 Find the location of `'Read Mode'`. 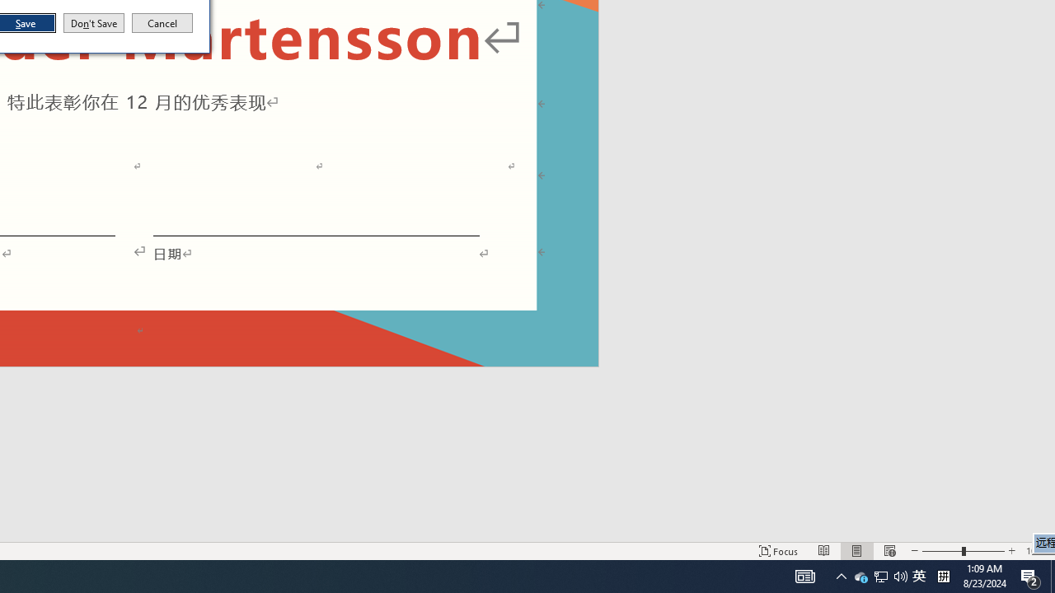

'Read Mode' is located at coordinates (824, 551).